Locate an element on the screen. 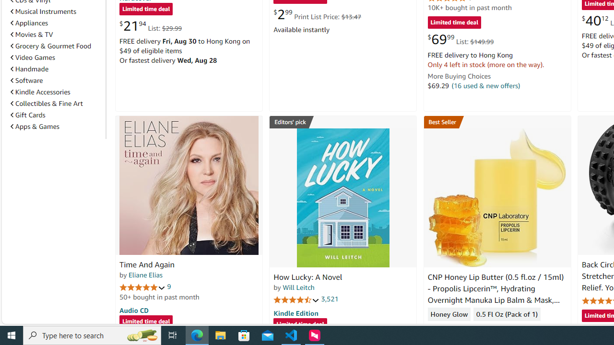 The height and width of the screenshot is (345, 614). 'Appliances' is located at coordinates (29, 22).